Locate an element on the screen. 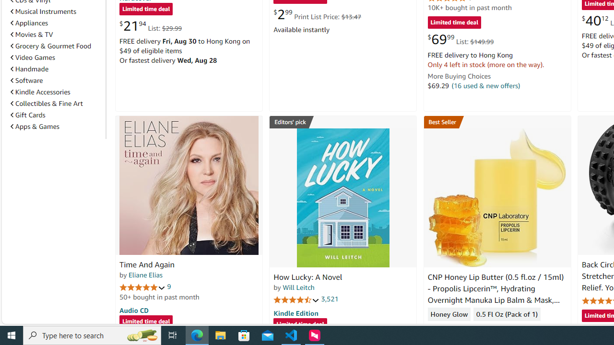 The height and width of the screenshot is (345, 614). 'Appliances' is located at coordinates (29, 22).